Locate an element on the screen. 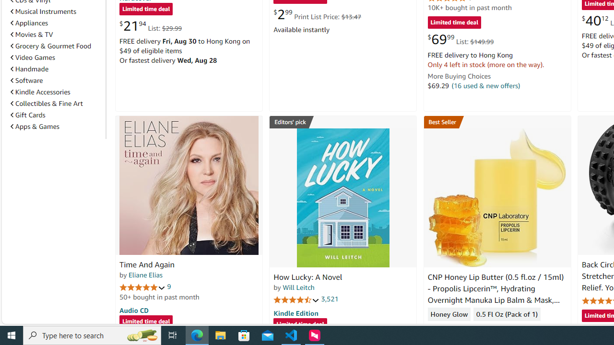 The height and width of the screenshot is (345, 614). 'Appliances' is located at coordinates (29, 22).